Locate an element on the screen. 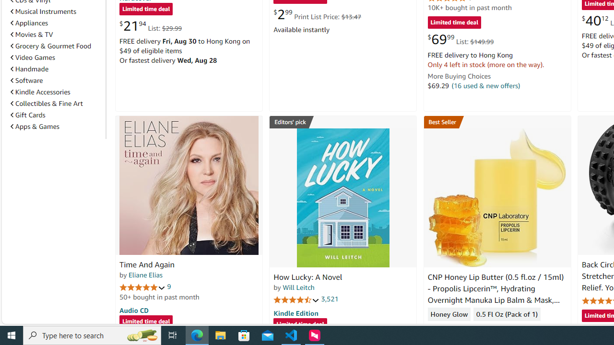 The height and width of the screenshot is (345, 614). 'Appliances' is located at coordinates (29, 22).